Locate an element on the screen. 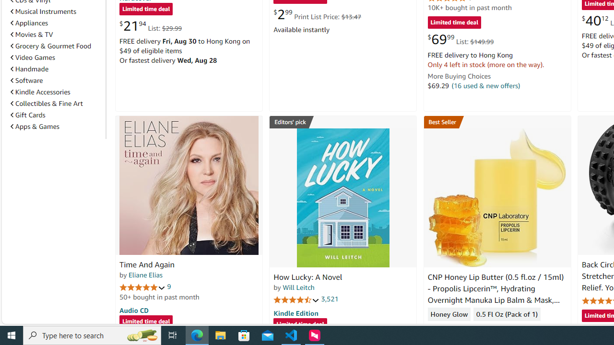 The height and width of the screenshot is (345, 614). 'Appliances' is located at coordinates (29, 22).